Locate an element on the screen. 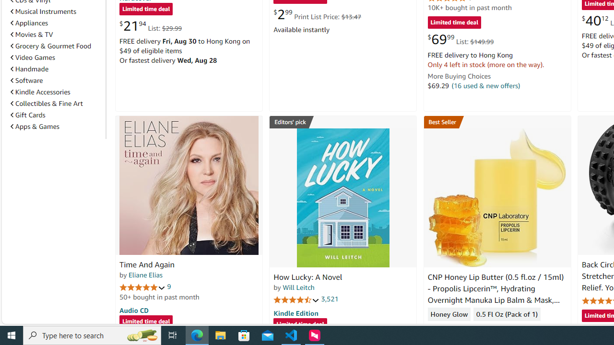 The height and width of the screenshot is (345, 614). 'Appliances' is located at coordinates (29, 22).